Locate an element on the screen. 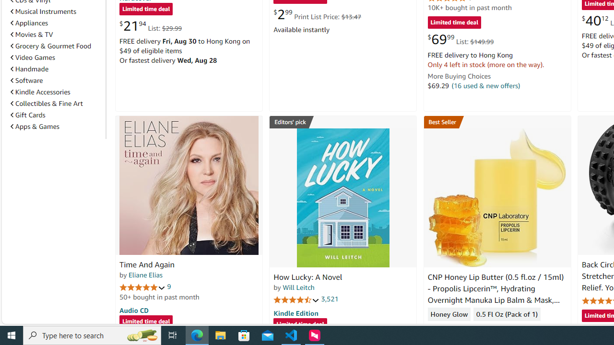 The height and width of the screenshot is (345, 614). 'Appliances' is located at coordinates (29, 22).